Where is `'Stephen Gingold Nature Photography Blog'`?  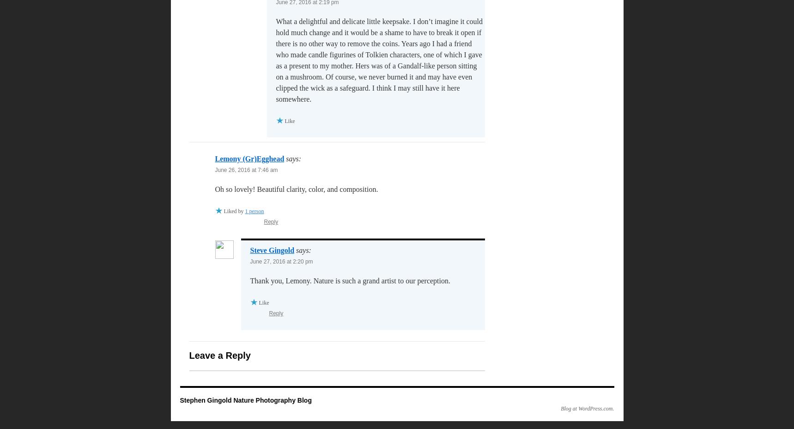 'Stephen Gingold Nature Photography Blog' is located at coordinates (179, 400).